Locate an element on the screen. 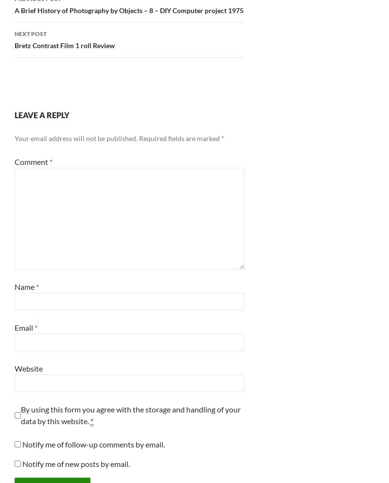  'Your email address will not be published.' is located at coordinates (76, 138).